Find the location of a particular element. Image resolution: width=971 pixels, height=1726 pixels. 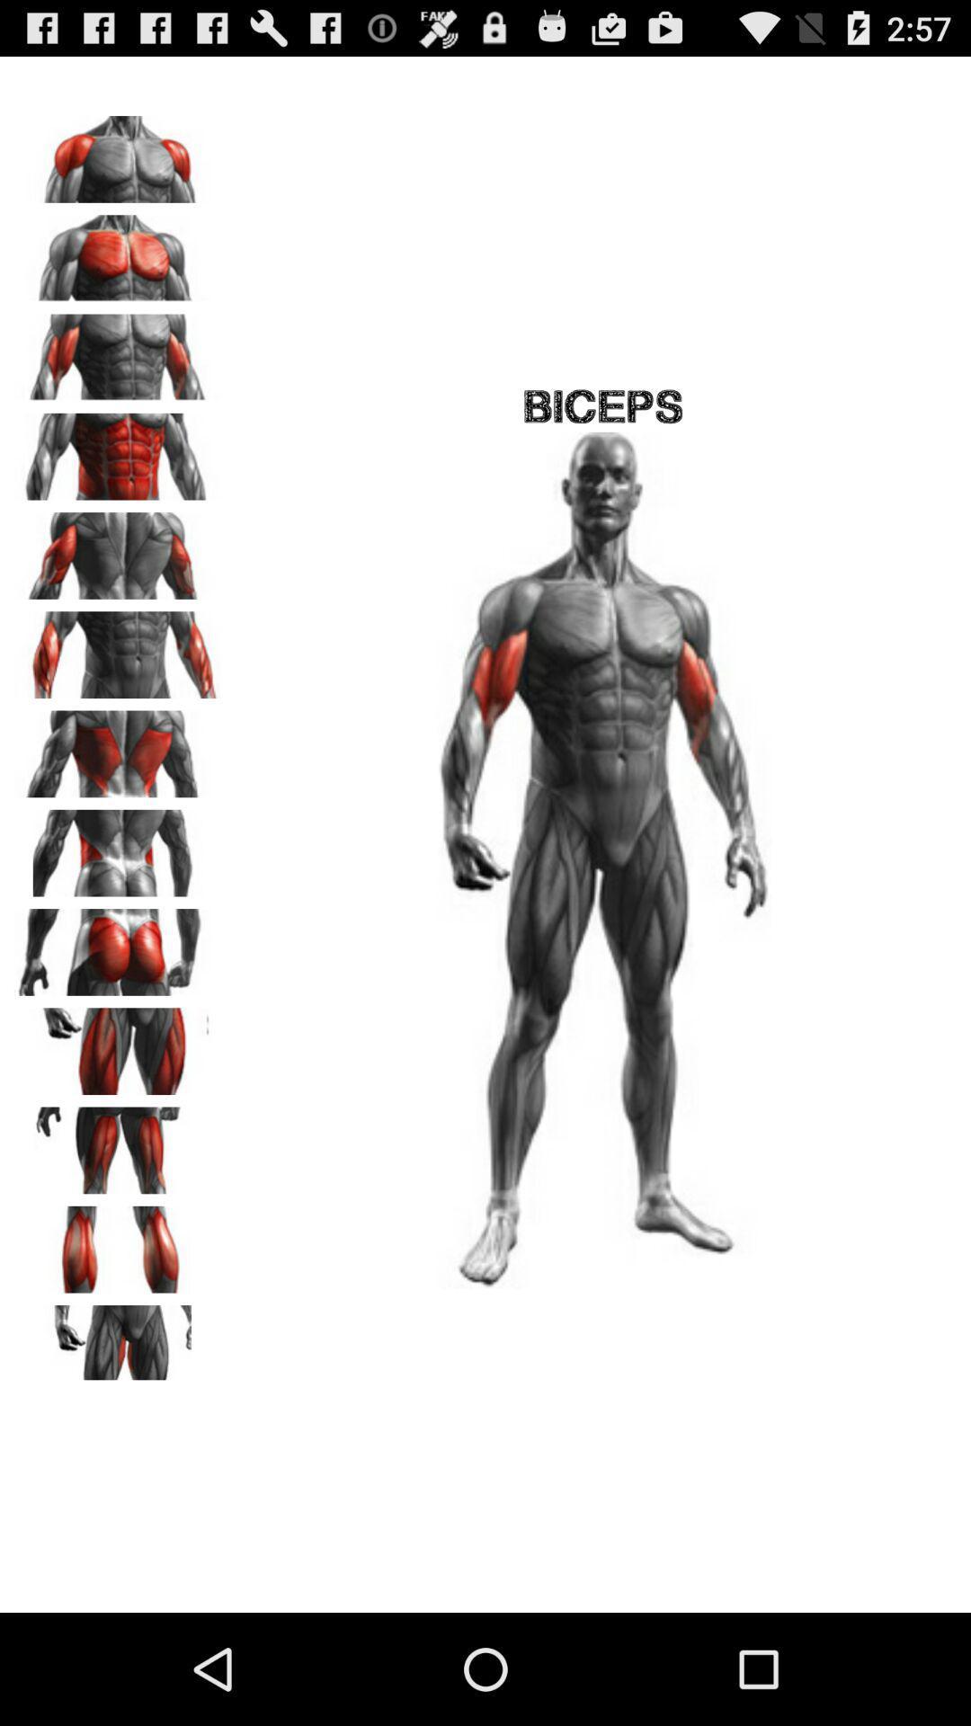

this muscle set is located at coordinates (118, 1045).